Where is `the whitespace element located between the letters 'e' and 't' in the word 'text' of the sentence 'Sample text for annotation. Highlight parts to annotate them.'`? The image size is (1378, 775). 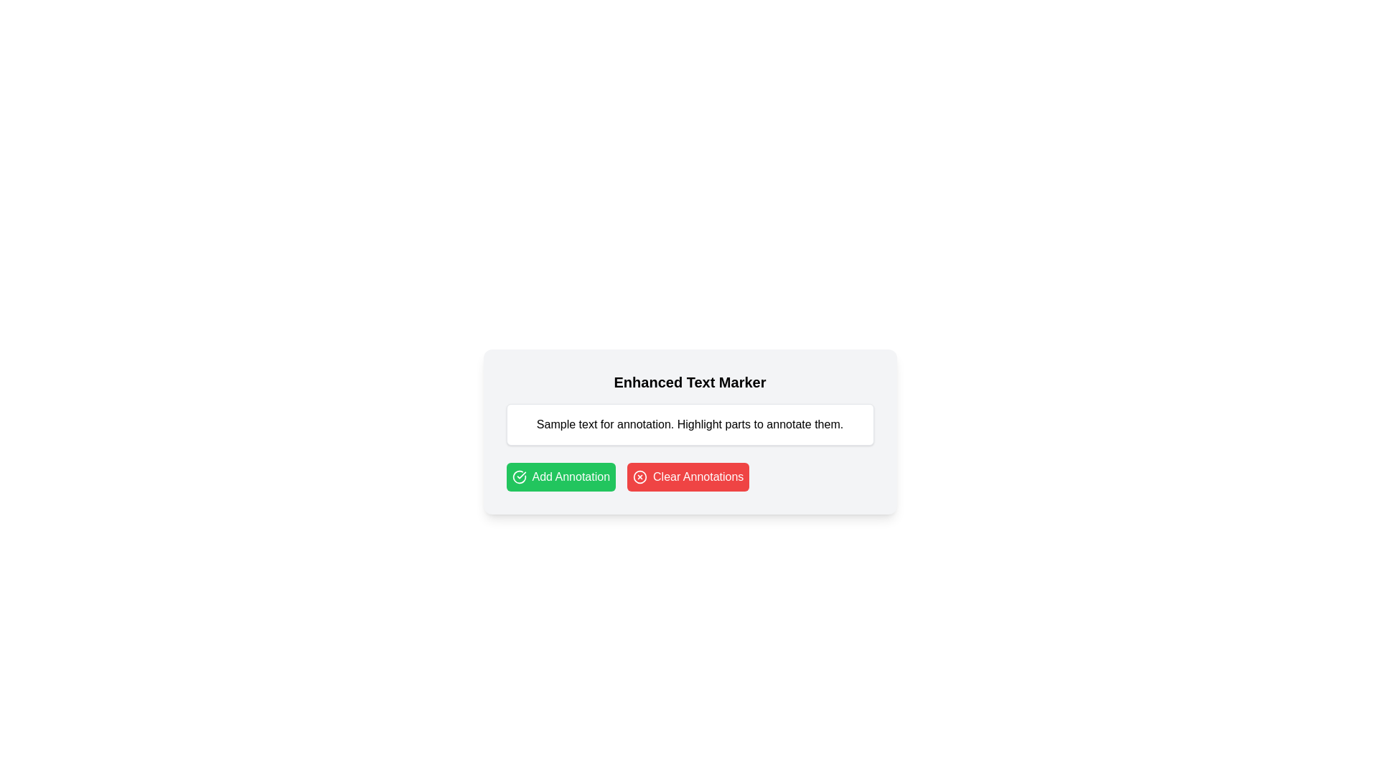 the whitespace element located between the letters 'e' and 't' in the word 'text' of the sentence 'Sample text for annotation. Highlight parts to annotate them.' is located at coordinates (577, 423).